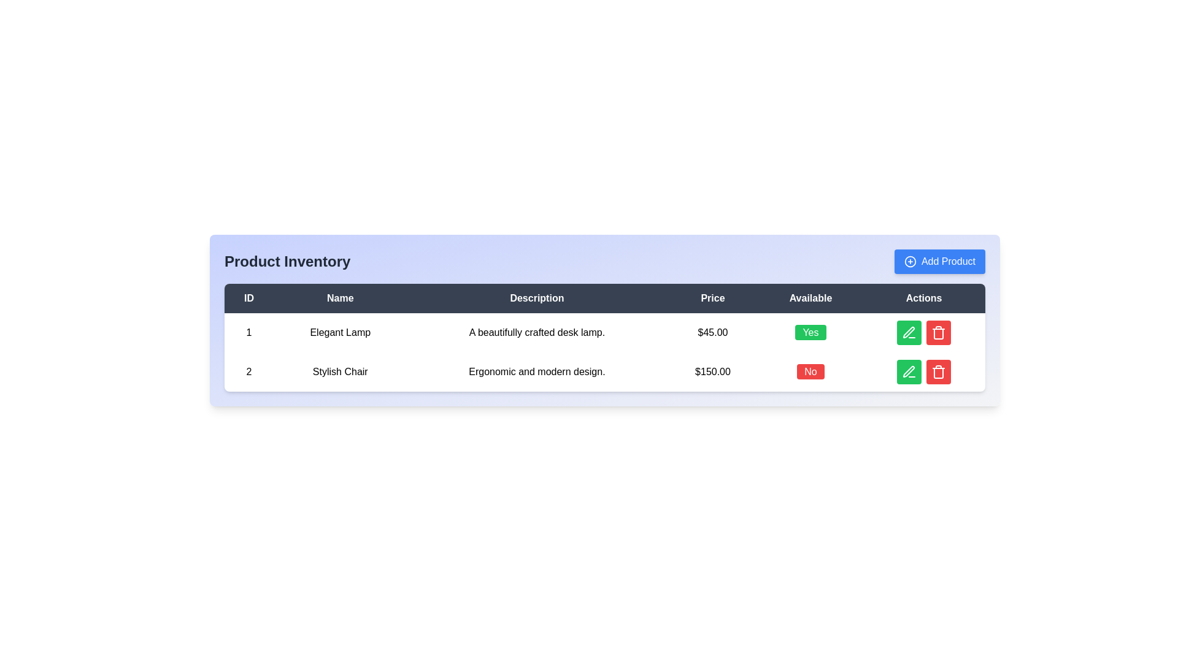 The height and width of the screenshot is (662, 1178). Describe the element at coordinates (810, 298) in the screenshot. I see `the 'Available' text label in the header row of the table, which is the fifth column from the left, displaying white text on a dark blue background` at that location.